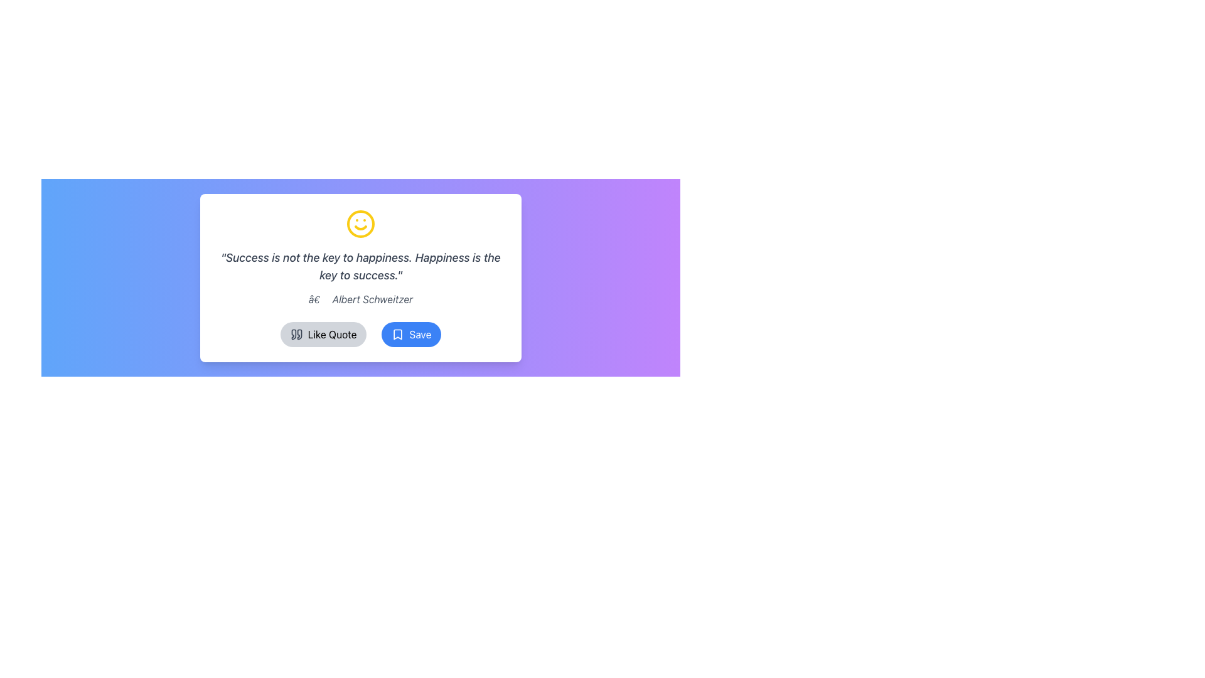 Image resolution: width=1205 pixels, height=678 pixels. Describe the element at coordinates (323, 333) in the screenshot. I see `the 'Like Quote' button, which is a rounded rectangular button with a gray background that highlights to yellow on hover, located centrally in its group of buttons` at that location.